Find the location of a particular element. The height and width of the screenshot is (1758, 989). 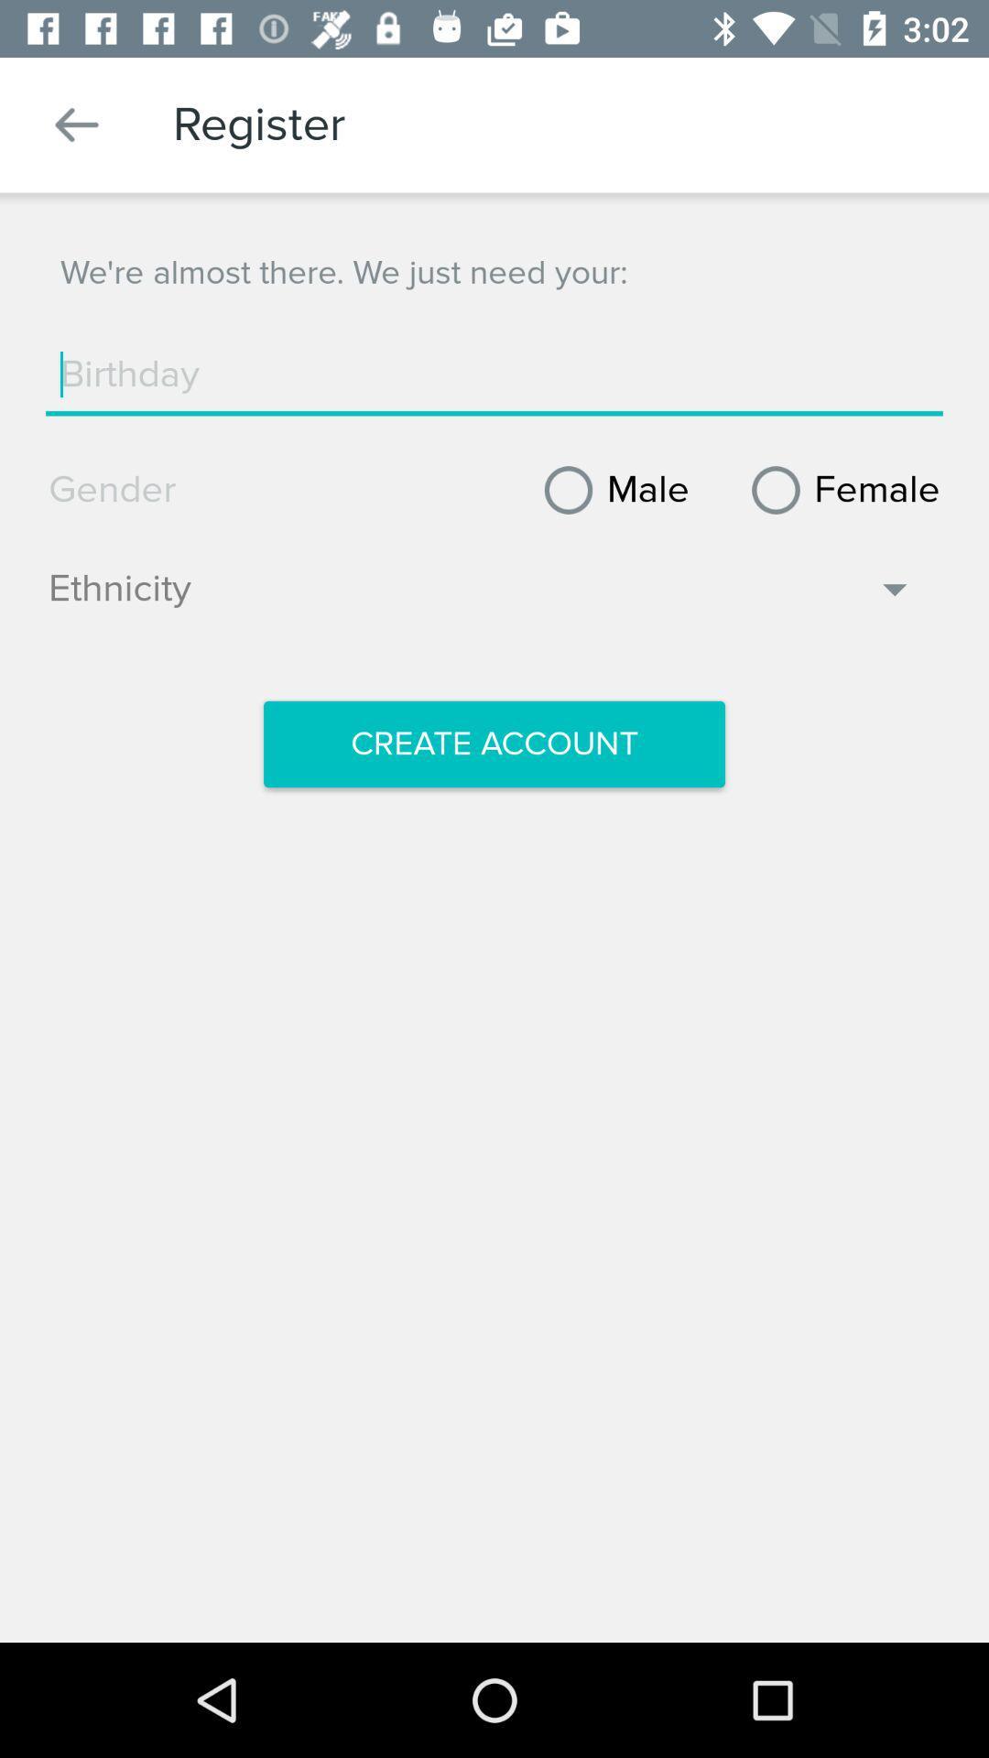

female is located at coordinates (839, 490).